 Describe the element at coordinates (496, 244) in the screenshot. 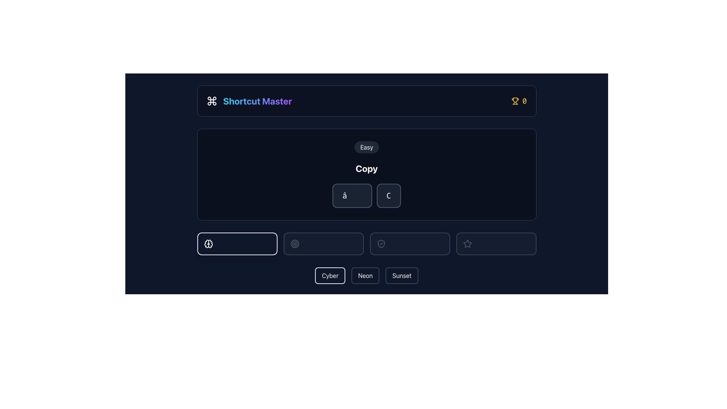

I see `the fourth button located at the far right among a horizontal arrangement of four buttons` at that location.